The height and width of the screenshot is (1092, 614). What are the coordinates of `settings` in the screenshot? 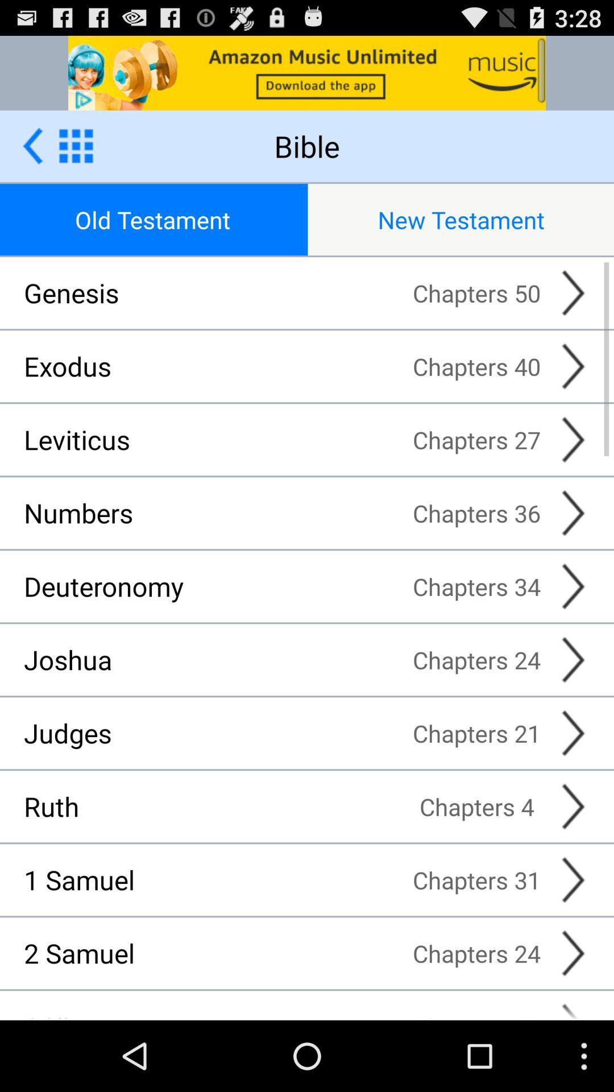 It's located at (76, 145).